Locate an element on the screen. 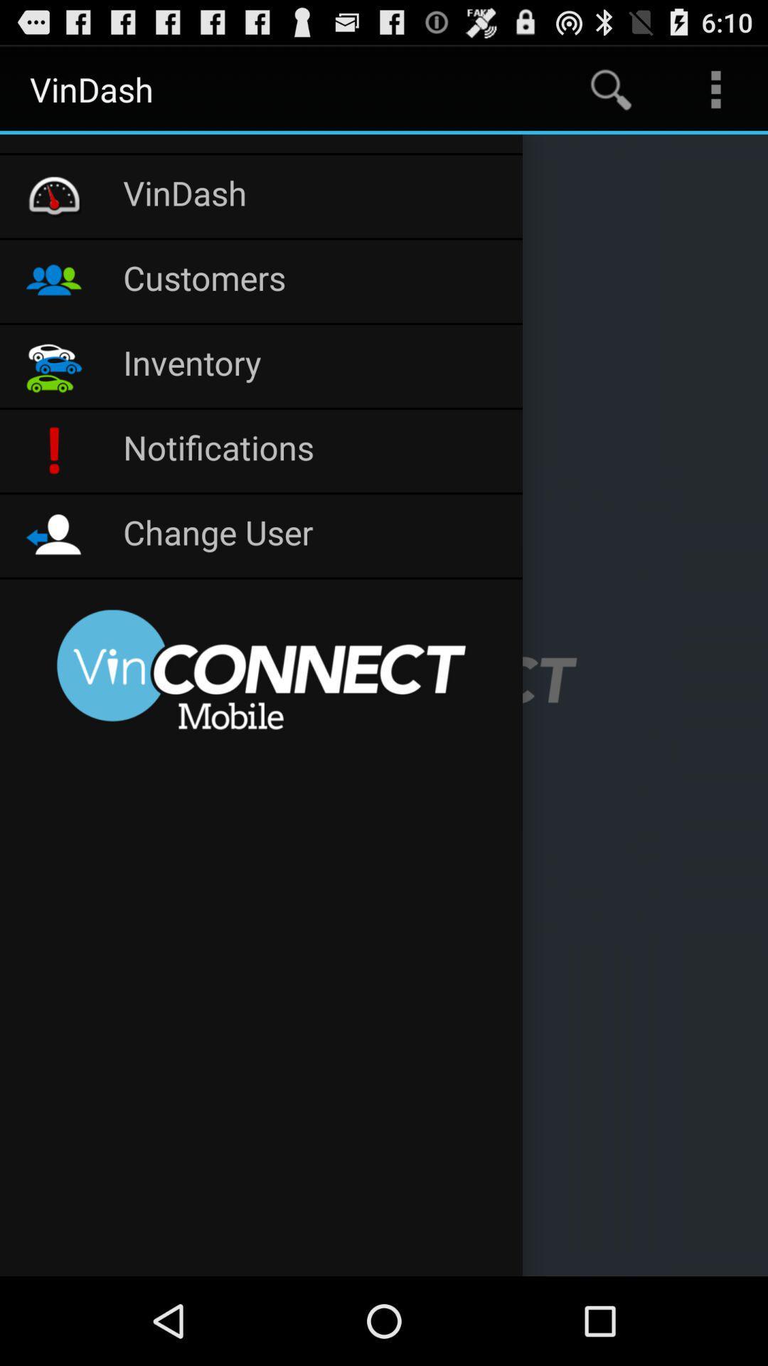 This screenshot has height=1366, width=768. the app above the vindash icon is located at coordinates (261, 144).